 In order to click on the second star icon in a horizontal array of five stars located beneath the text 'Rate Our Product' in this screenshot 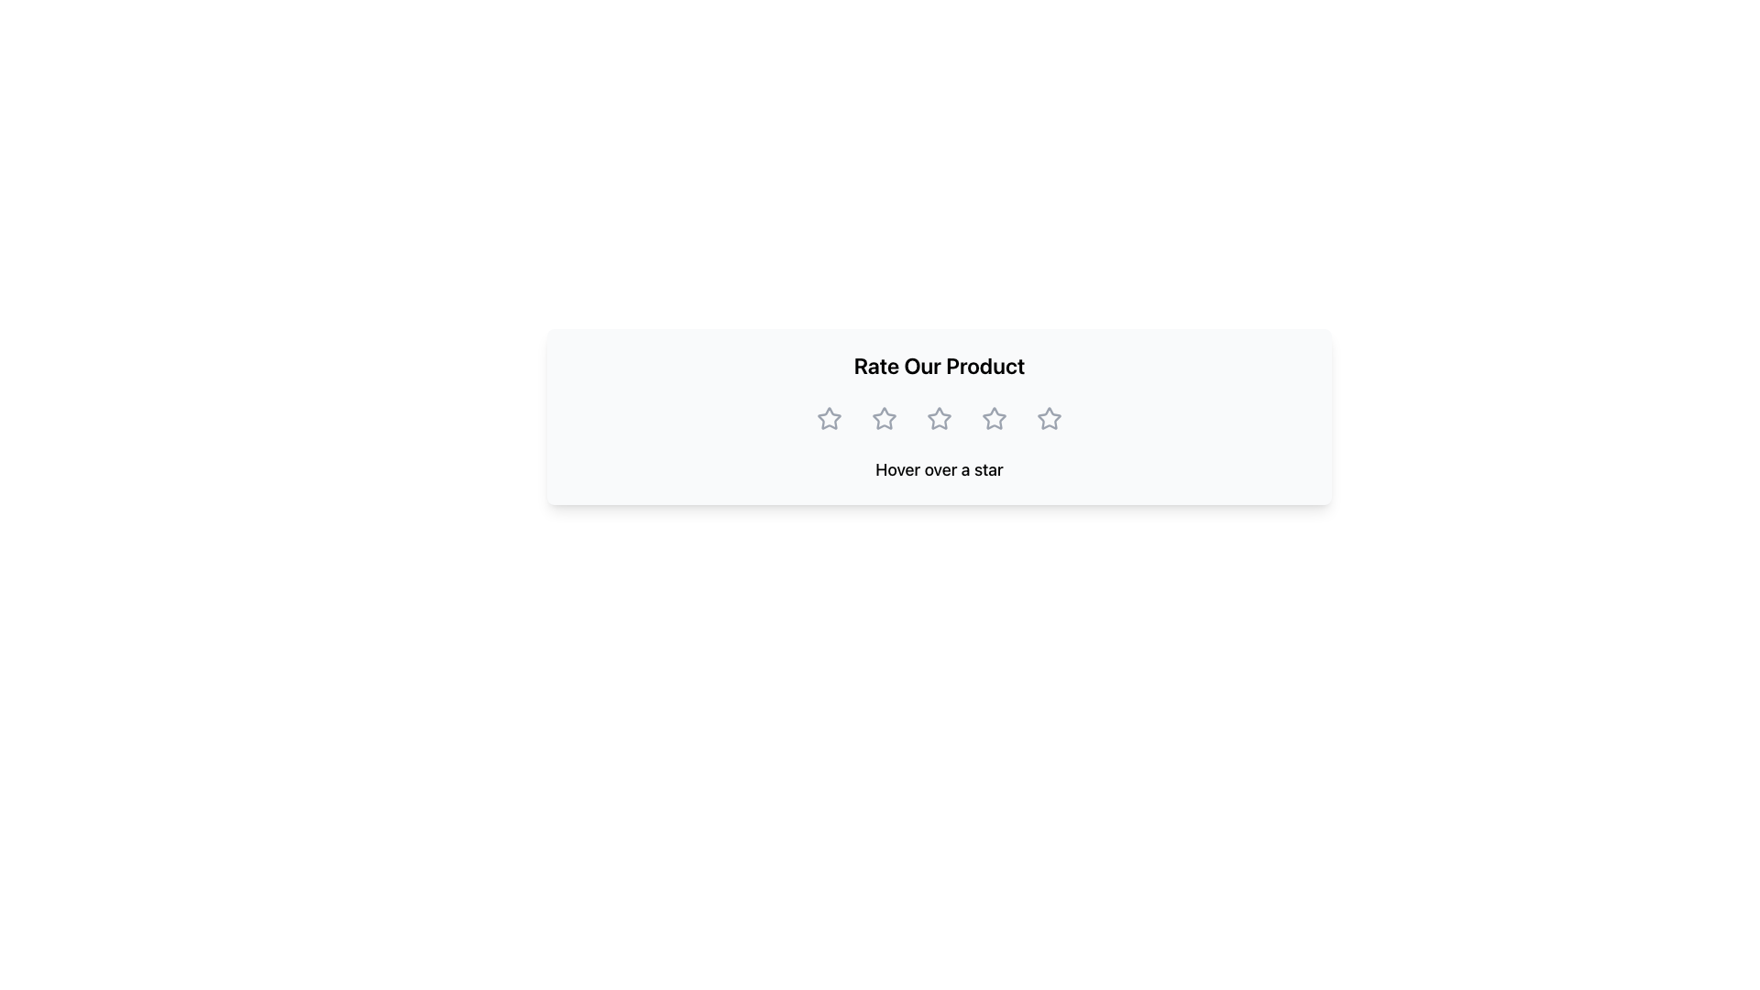, I will do `click(884, 418)`.